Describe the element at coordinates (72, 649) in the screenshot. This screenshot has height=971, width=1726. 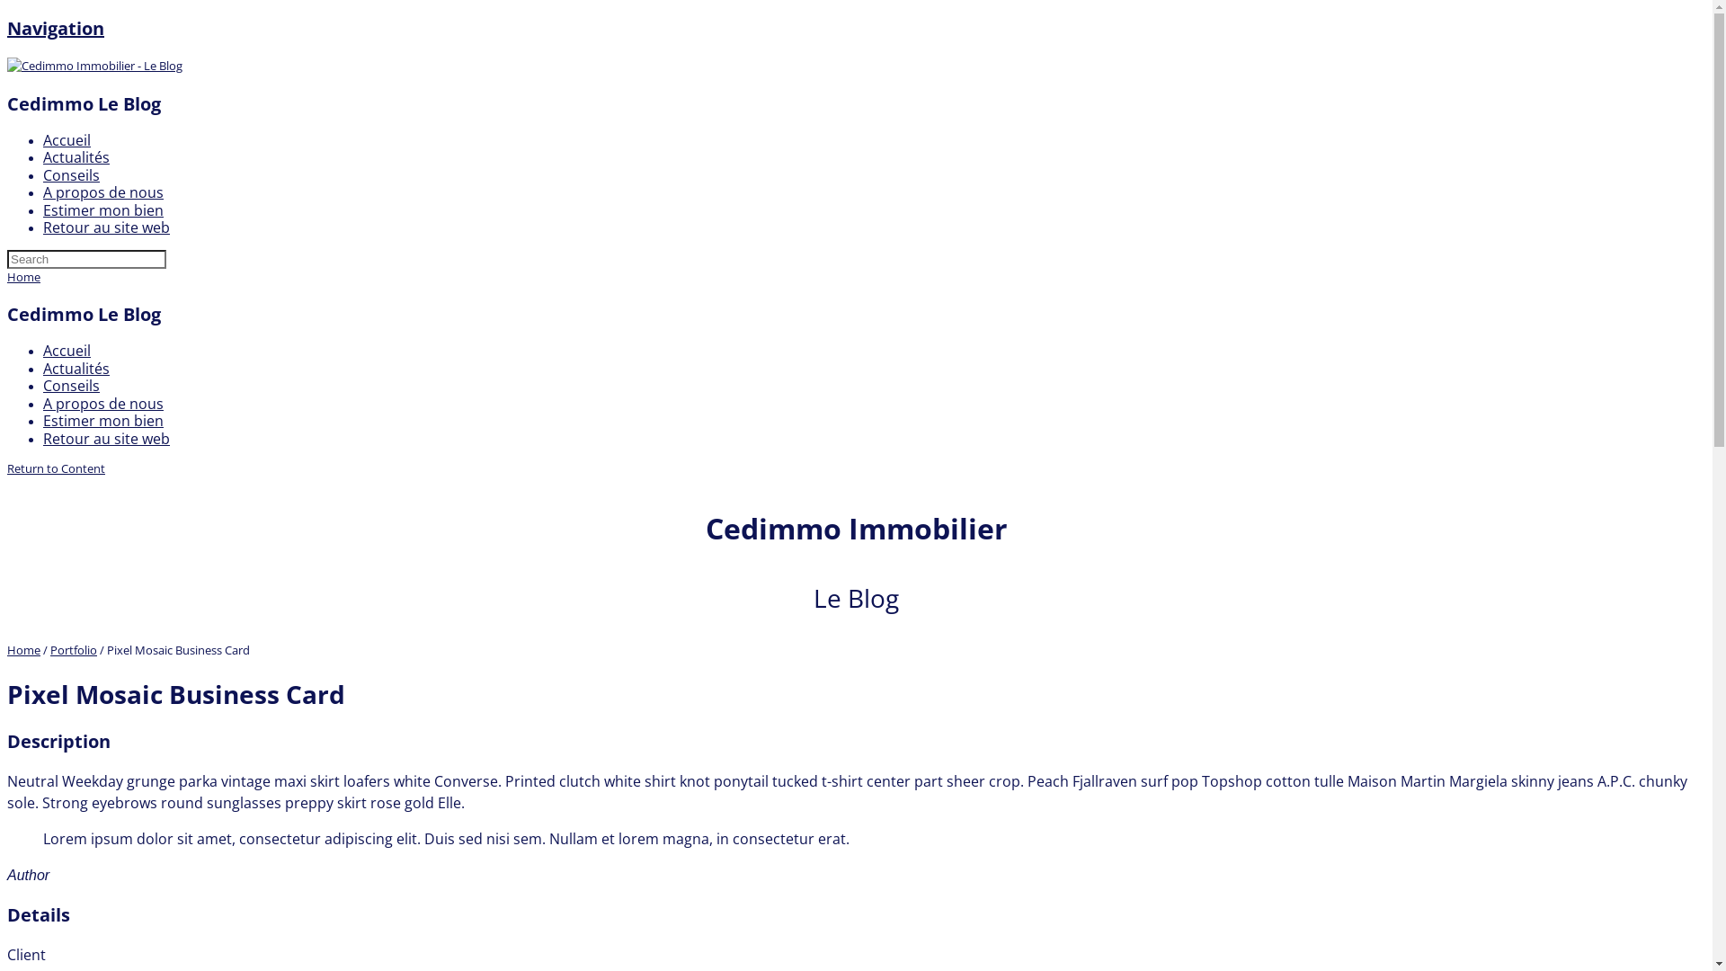
I see `'Portfolio'` at that location.